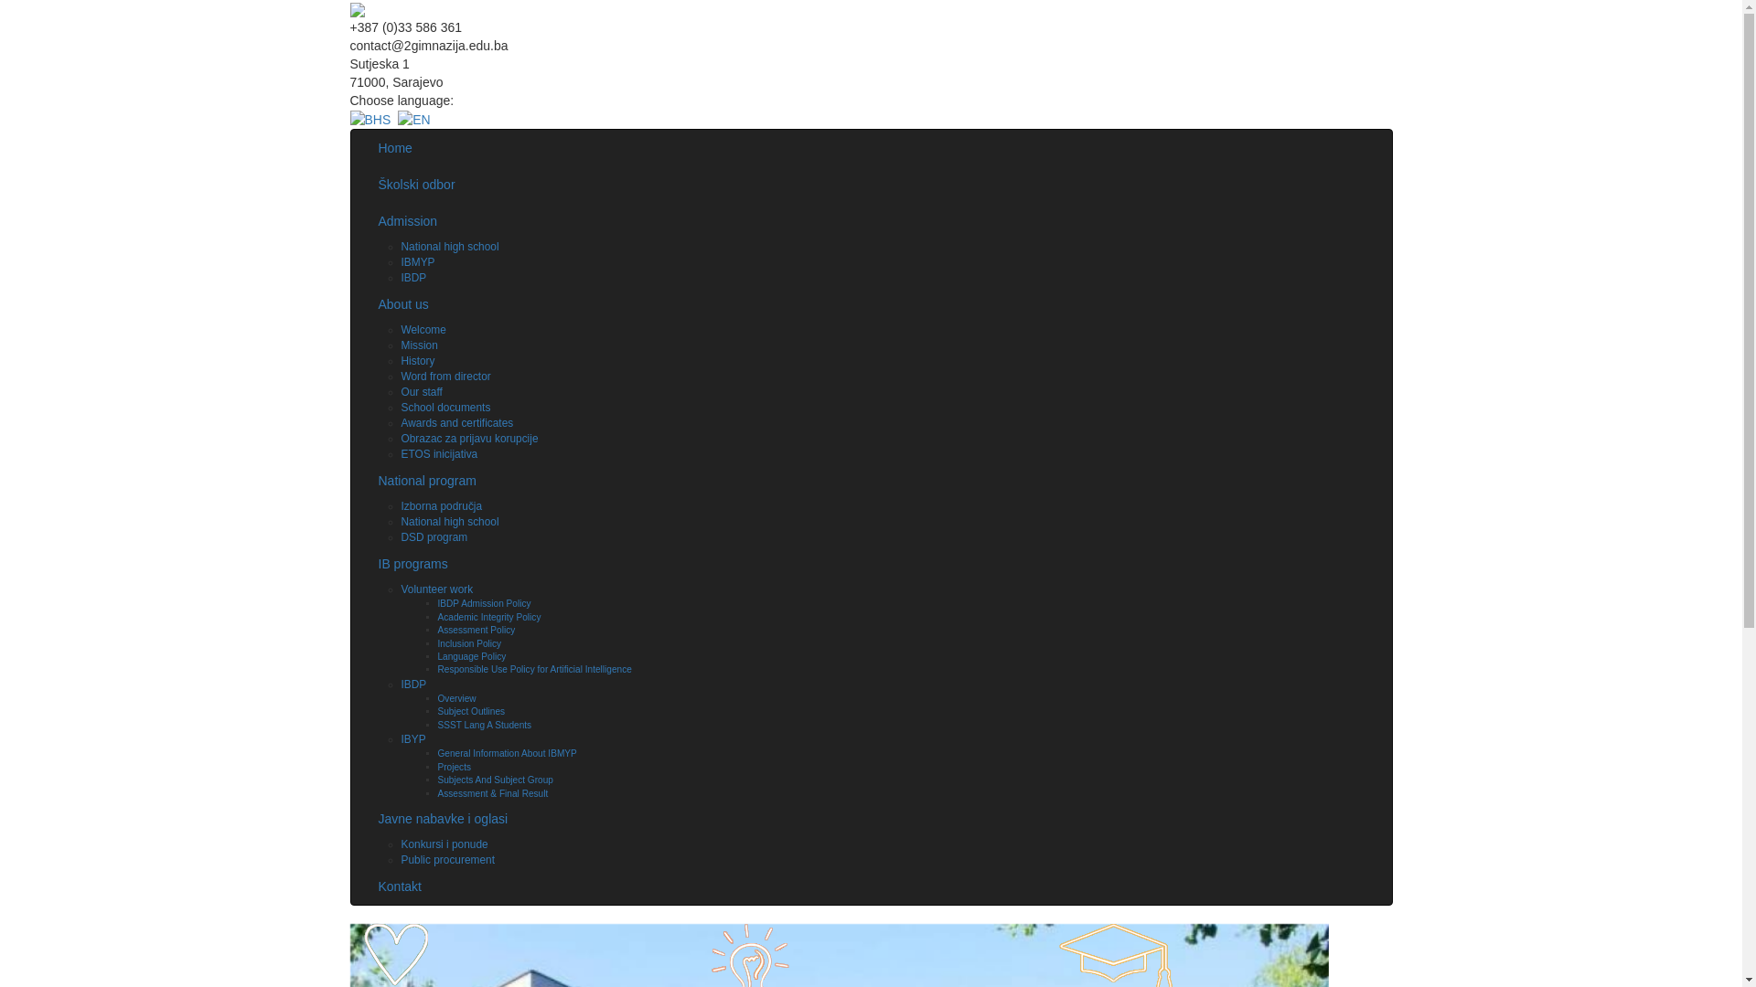 This screenshot has height=987, width=1756. I want to click on 'Inclusion Policy', so click(469, 642).